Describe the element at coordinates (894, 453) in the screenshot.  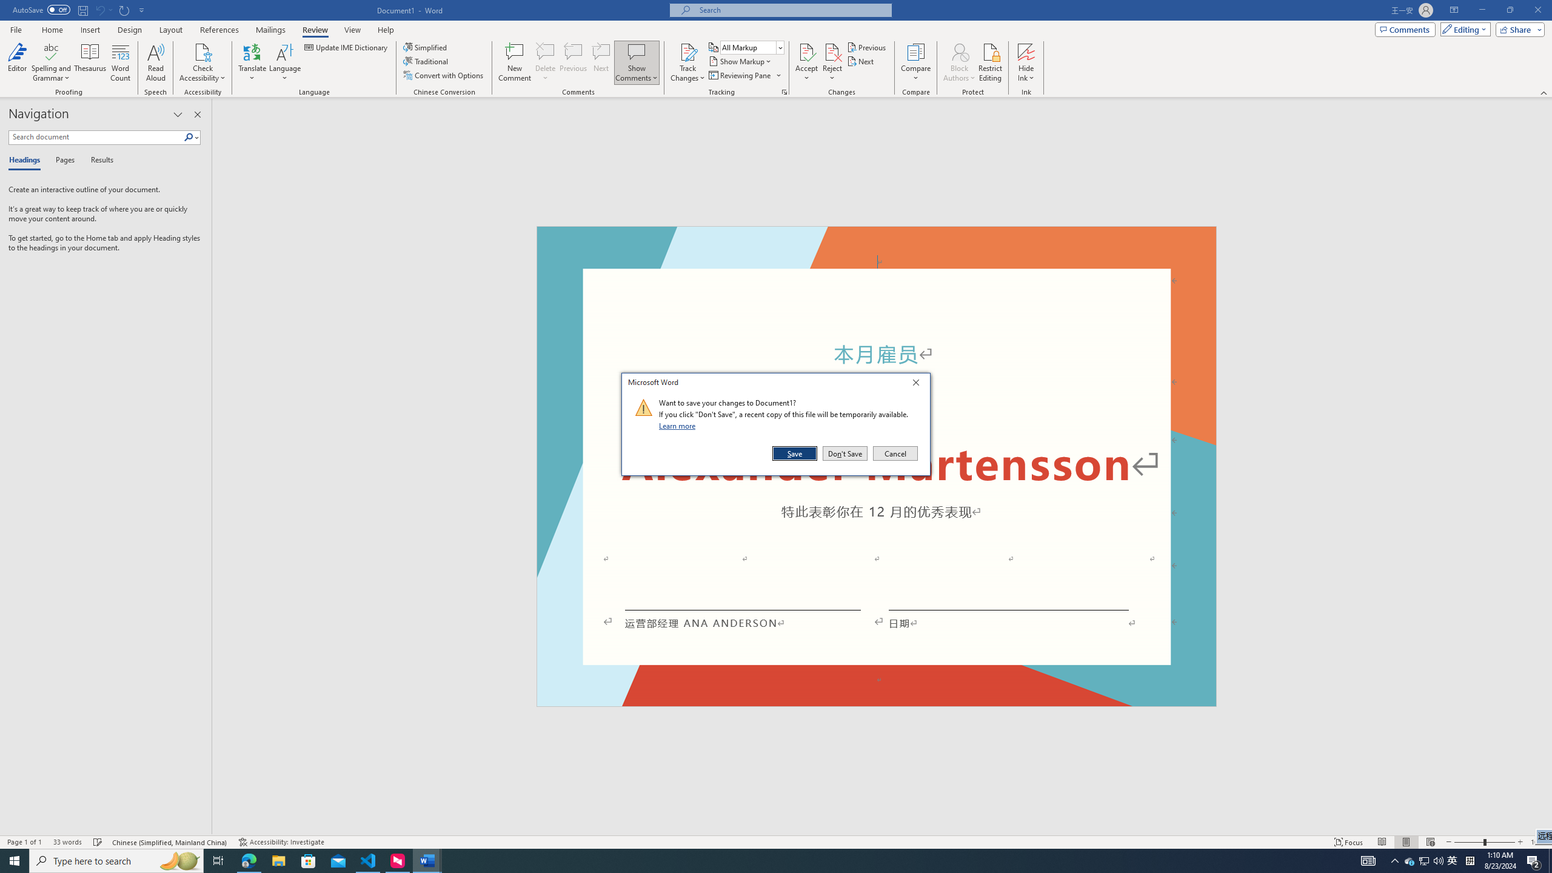
I see `'Cancel'` at that location.